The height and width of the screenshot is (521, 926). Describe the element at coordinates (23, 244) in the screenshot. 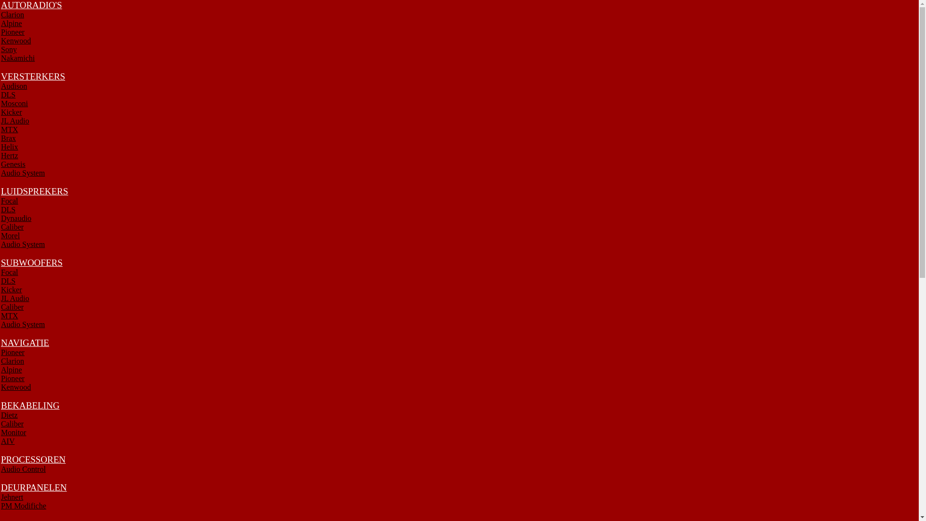

I see `'Audio System'` at that location.